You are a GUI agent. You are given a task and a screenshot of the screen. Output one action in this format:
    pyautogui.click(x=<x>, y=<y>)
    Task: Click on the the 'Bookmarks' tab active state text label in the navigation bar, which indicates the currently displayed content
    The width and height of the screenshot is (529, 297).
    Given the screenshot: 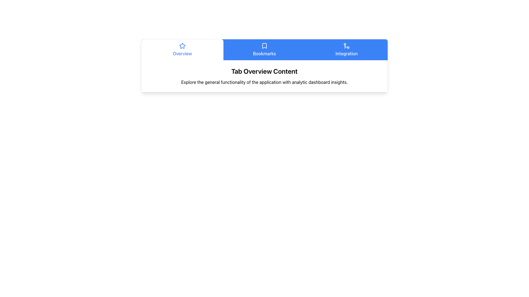 What is the action you would take?
    pyautogui.click(x=264, y=54)
    